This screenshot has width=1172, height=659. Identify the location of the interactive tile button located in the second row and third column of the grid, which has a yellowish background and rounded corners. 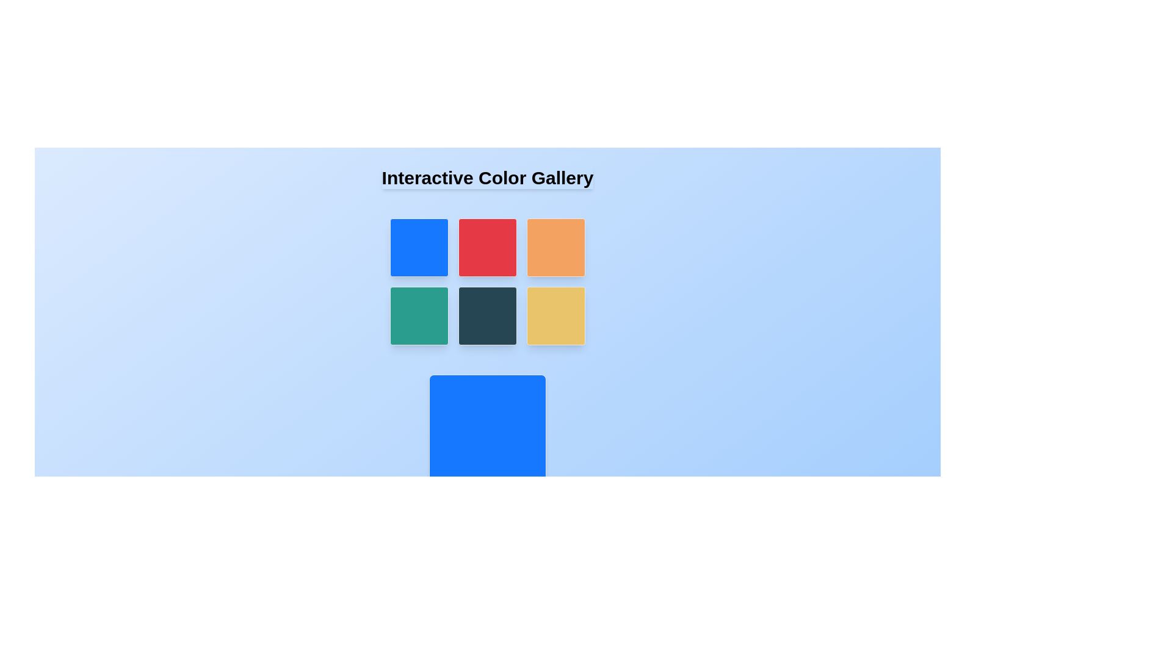
(555, 315).